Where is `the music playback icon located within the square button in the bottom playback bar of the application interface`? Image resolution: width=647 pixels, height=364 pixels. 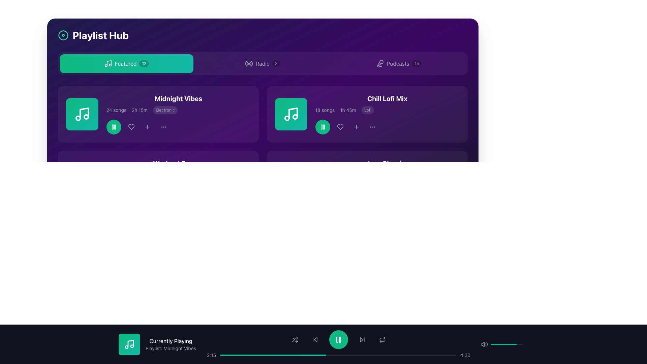 the music playback icon located within the square button in the bottom playback bar of the application interface is located at coordinates (129, 344).